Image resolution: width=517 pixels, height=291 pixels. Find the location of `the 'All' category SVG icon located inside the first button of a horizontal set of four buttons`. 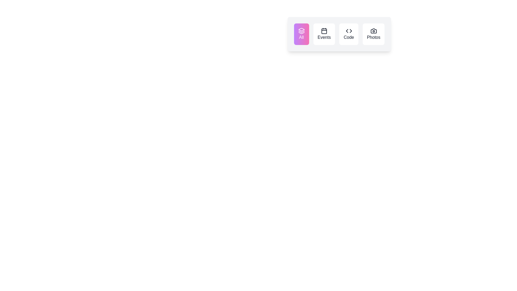

the 'All' category SVG icon located inside the first button of a horizontal set of four buttons is located at coordinates (301, 30).